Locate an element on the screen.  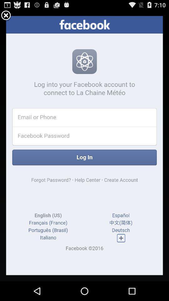
app is located at coordinates (6, 15).